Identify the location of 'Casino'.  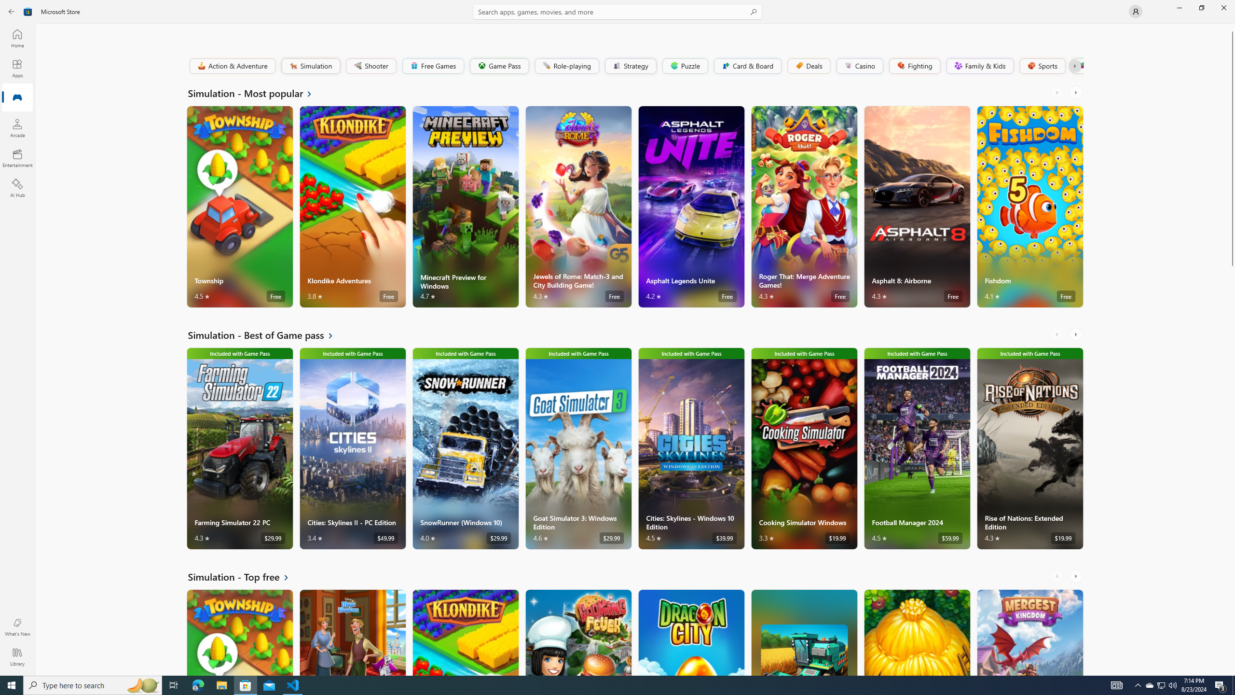
(859, 65).